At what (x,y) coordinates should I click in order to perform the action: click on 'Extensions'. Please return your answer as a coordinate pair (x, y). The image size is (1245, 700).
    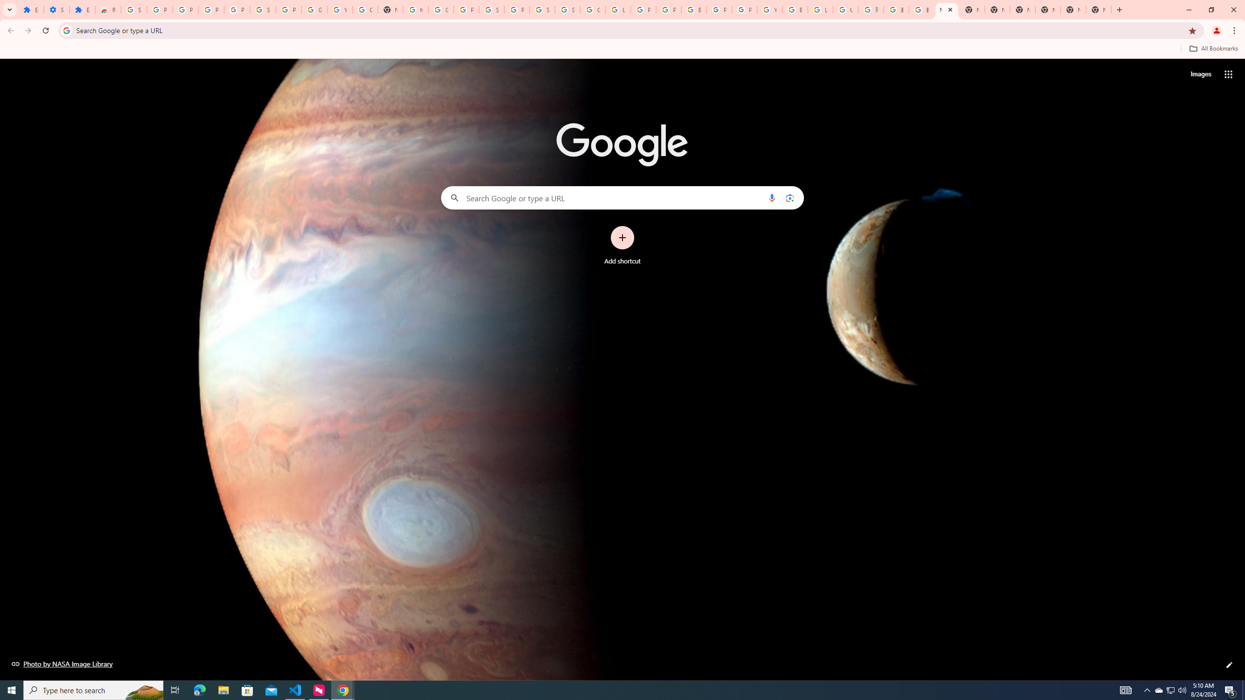
    Looking at the image, I should click on (31, 9).